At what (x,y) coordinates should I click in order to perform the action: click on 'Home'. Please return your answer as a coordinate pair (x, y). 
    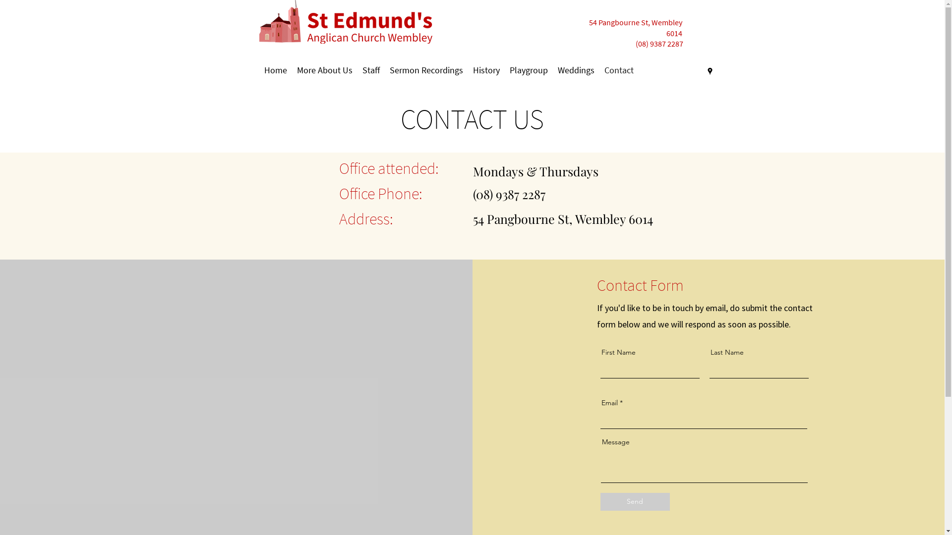
    Looking at the image, I should click on (275, 70).